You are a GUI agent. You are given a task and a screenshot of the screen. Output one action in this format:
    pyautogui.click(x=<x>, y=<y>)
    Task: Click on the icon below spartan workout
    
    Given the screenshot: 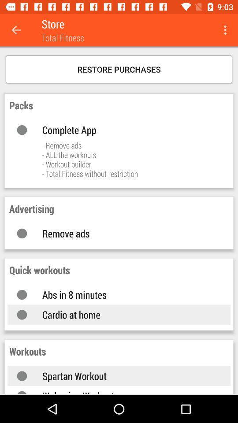 What is the action you would take?
    pyautogui.click(x=127, y=391)
    